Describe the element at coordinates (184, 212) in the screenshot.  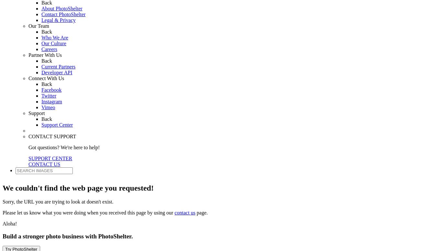
I see `'contact us'` at that location.